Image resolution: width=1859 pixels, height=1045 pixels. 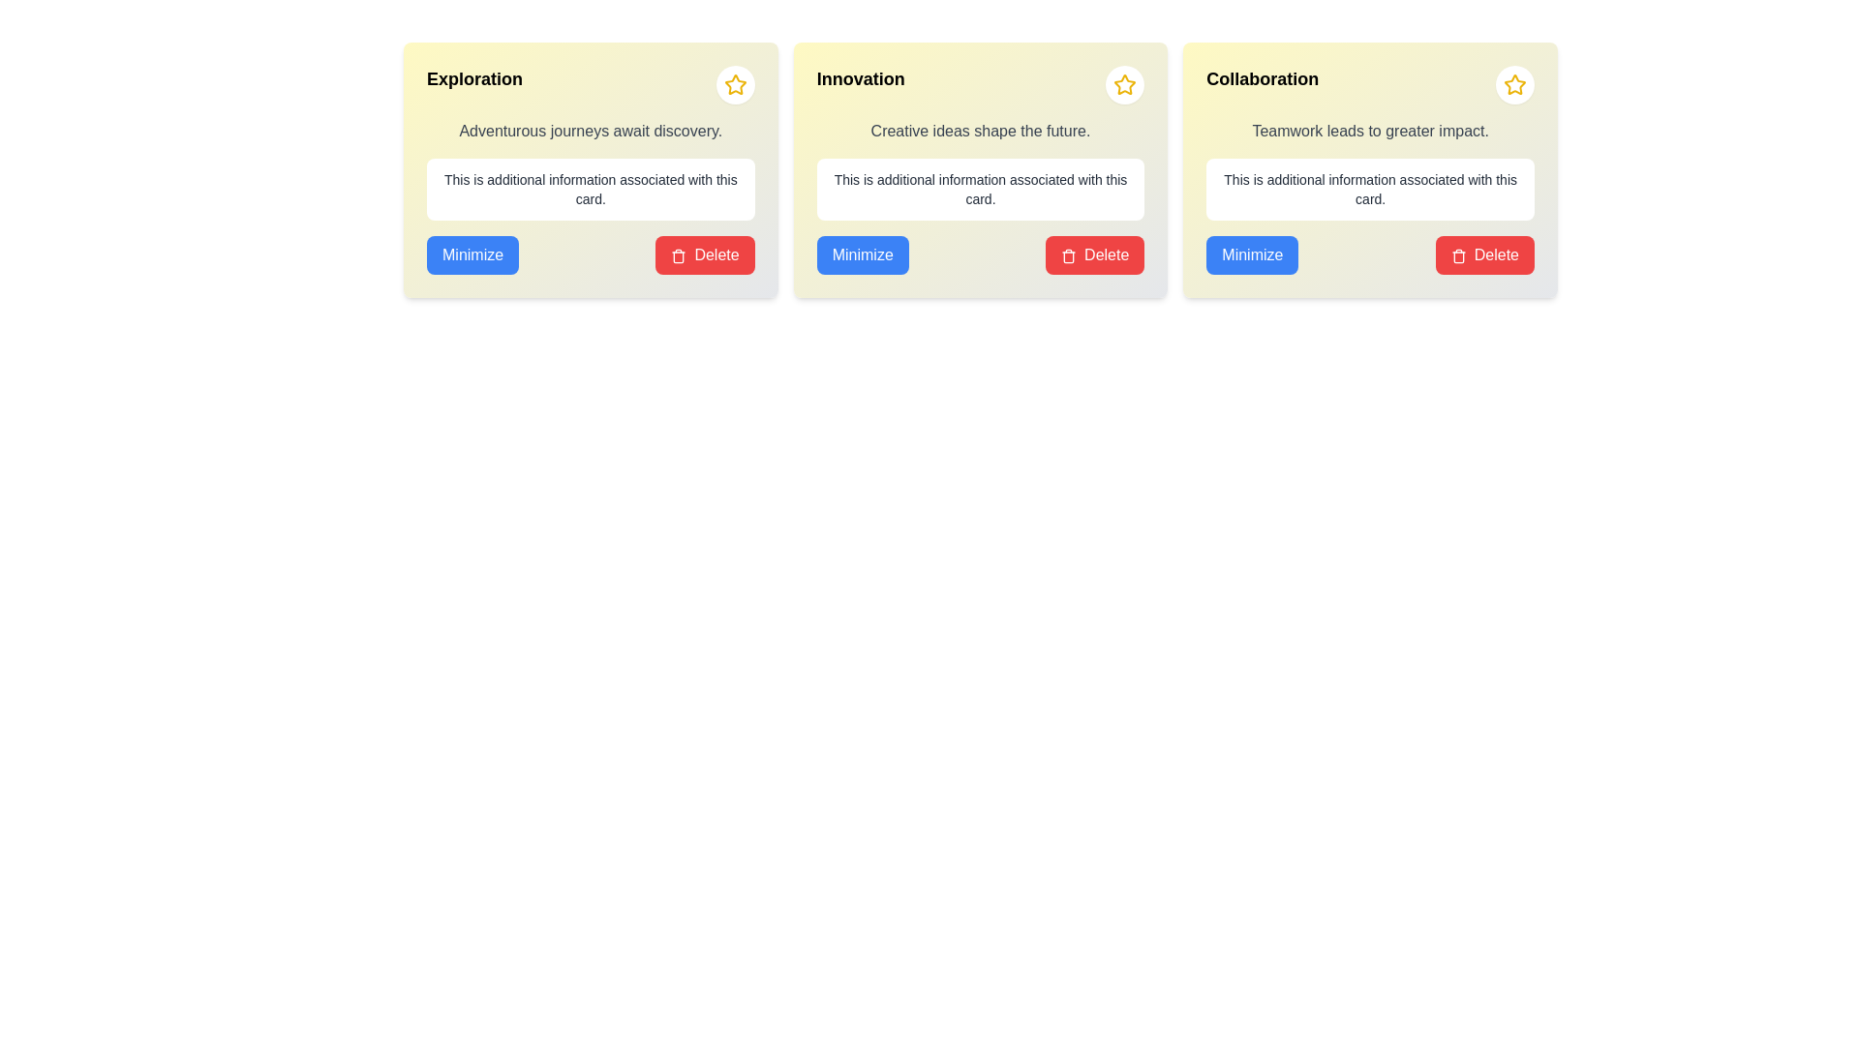 I want to click on the delete icon located on the 'Delete' button within the middle card labeled 'Innovation', which is positioned to the left of the button's text, so click(x=1068, y=254).